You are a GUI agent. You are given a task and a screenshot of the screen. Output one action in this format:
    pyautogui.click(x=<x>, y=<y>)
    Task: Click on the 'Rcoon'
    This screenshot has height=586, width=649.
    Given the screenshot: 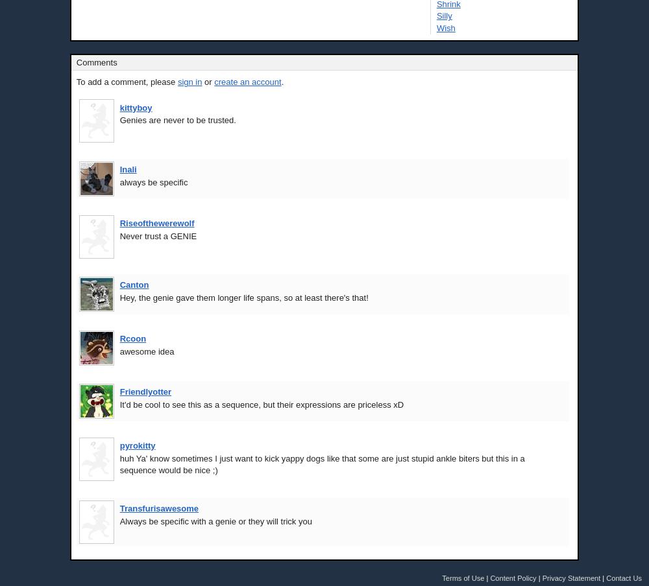 What is the action you would take?
    pyautogui.click(x=119, y=338)
    